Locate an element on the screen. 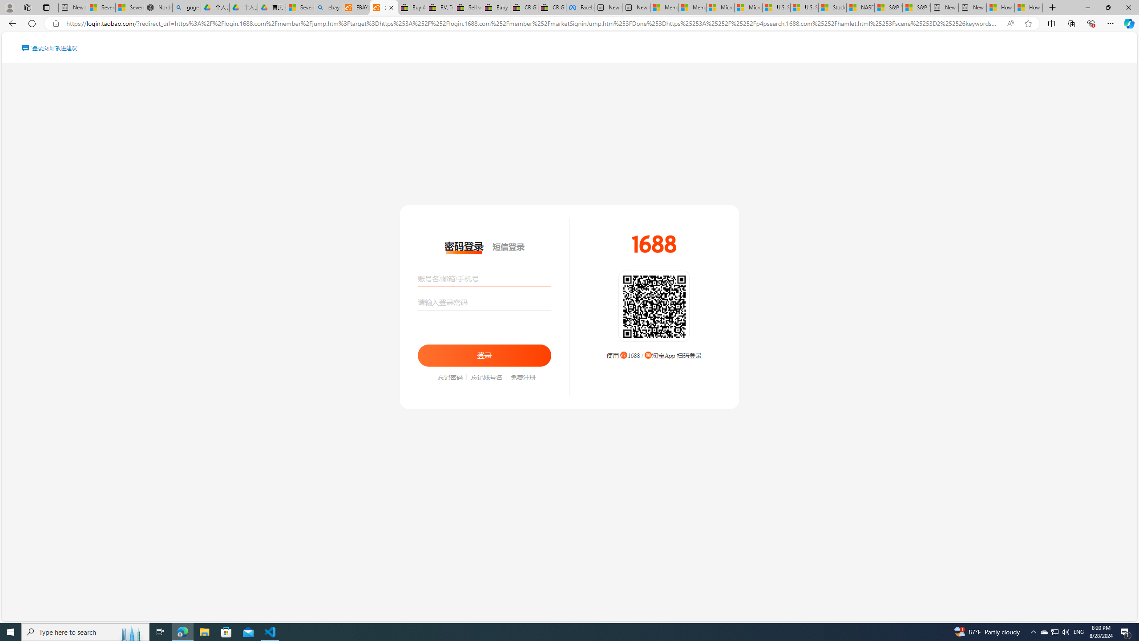 The height and width of the screenshot is (641, 1139). 'Facebook' is located at coordinates (580, 7).